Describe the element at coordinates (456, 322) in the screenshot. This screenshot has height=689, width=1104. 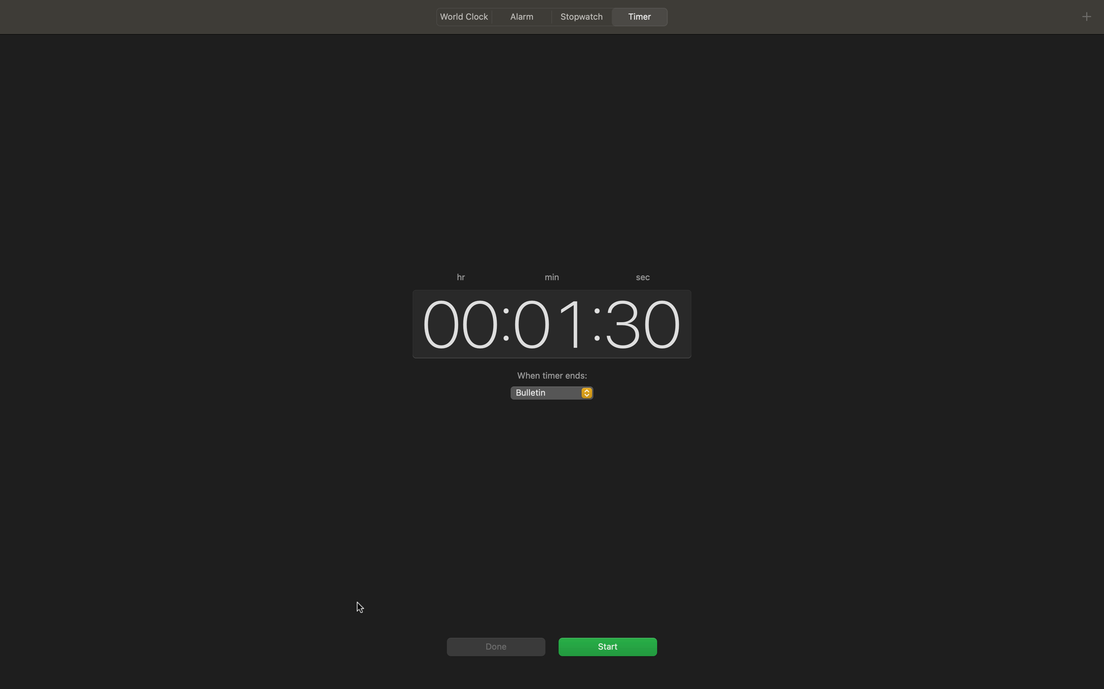
I see `Input "03" in the hour field` at that location.